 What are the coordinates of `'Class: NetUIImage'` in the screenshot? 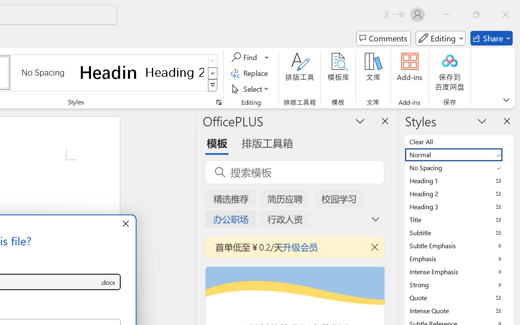 It's located at (213, 85).